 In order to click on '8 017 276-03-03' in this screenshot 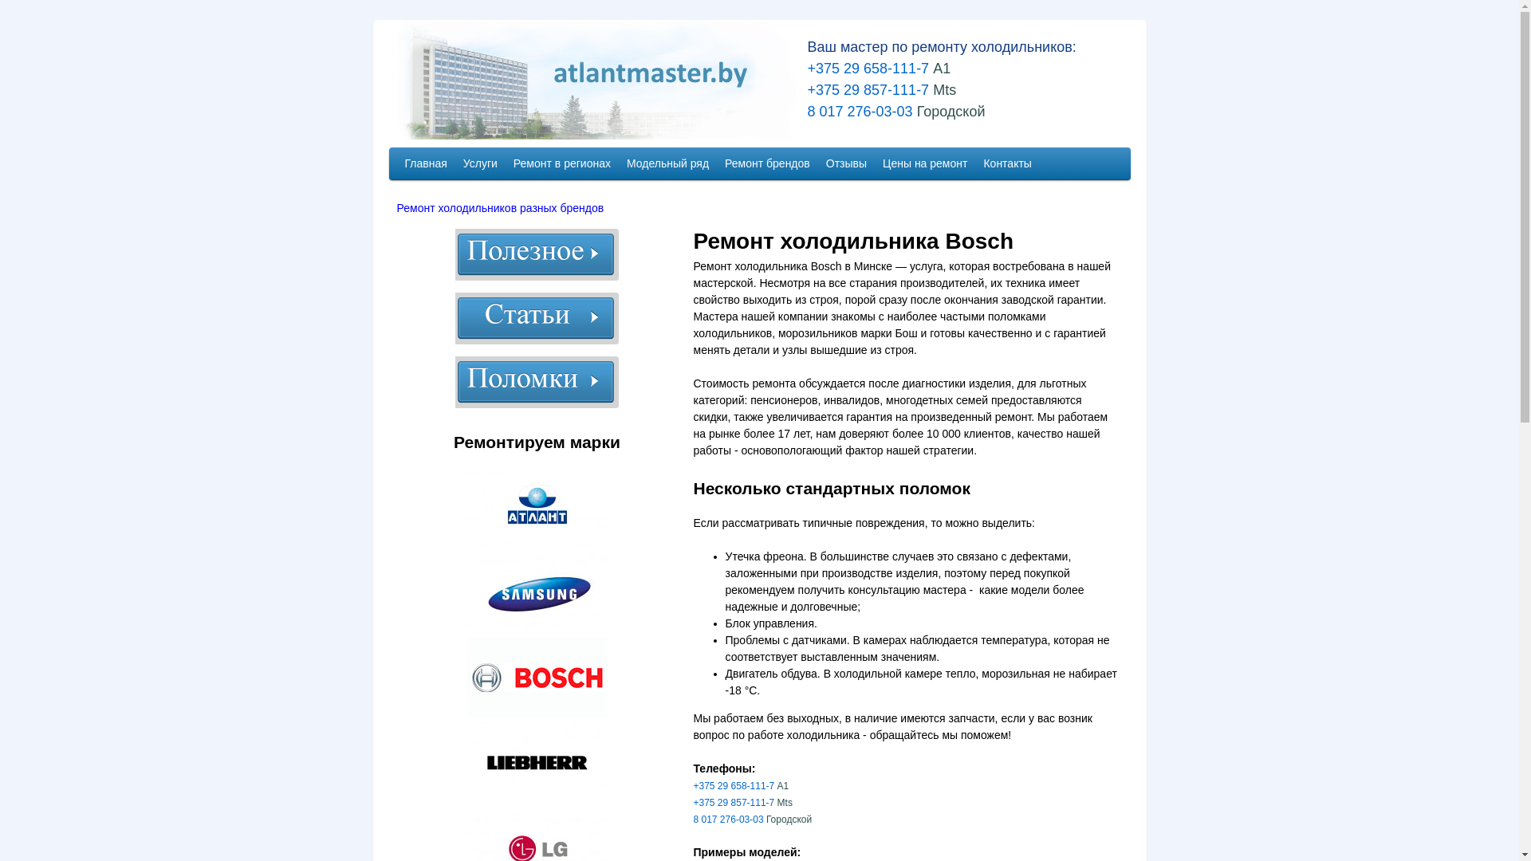, I will do `click(727, 820)`.